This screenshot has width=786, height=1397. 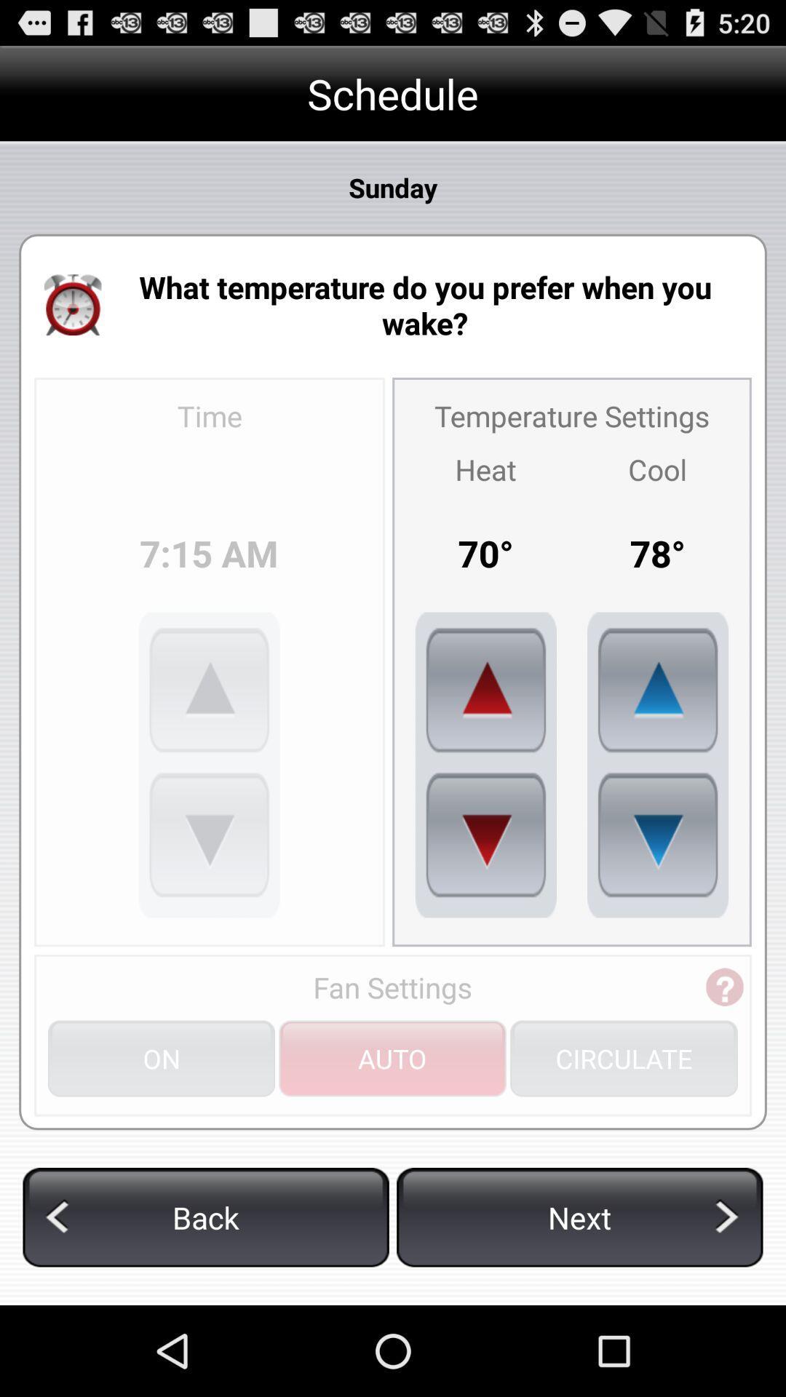 What do you see at coordinates (724, 1056) in the screenshot?
I see `the help icon` at bounding box center [724, 1056].